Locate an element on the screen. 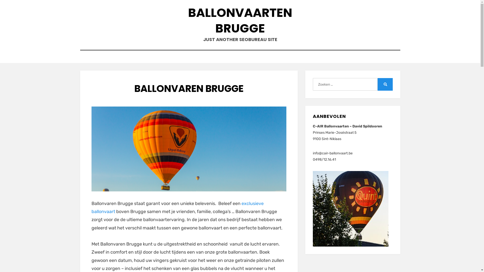 This screenshot has height=272, width=484. '0498/12.16.41' is located at coordinates (324, 159).